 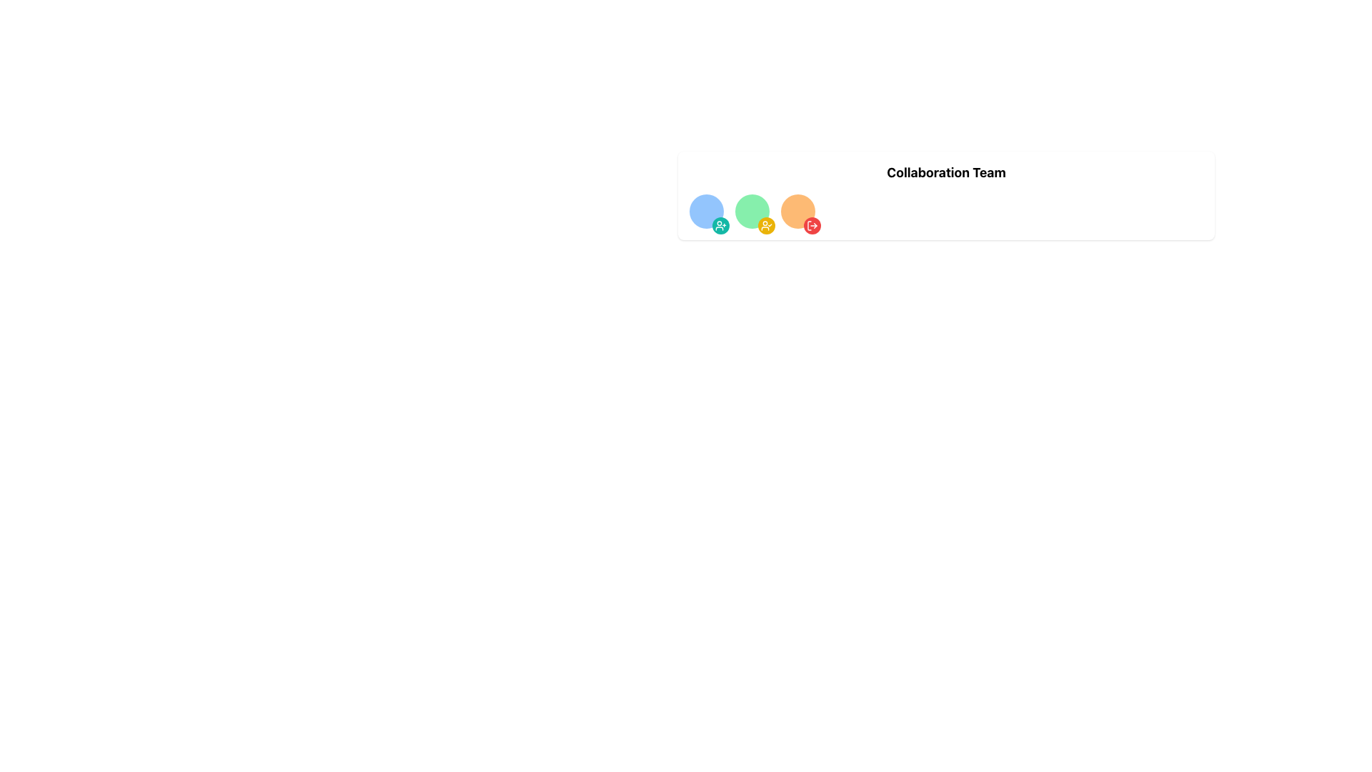 What do you see at coordinates (797, 212) in the screenshot?
I see `the circular log-out icon with a red badge, positioned as the fourth icon from the left, to log out or trigger a related action` at bounding box center [797, 212].